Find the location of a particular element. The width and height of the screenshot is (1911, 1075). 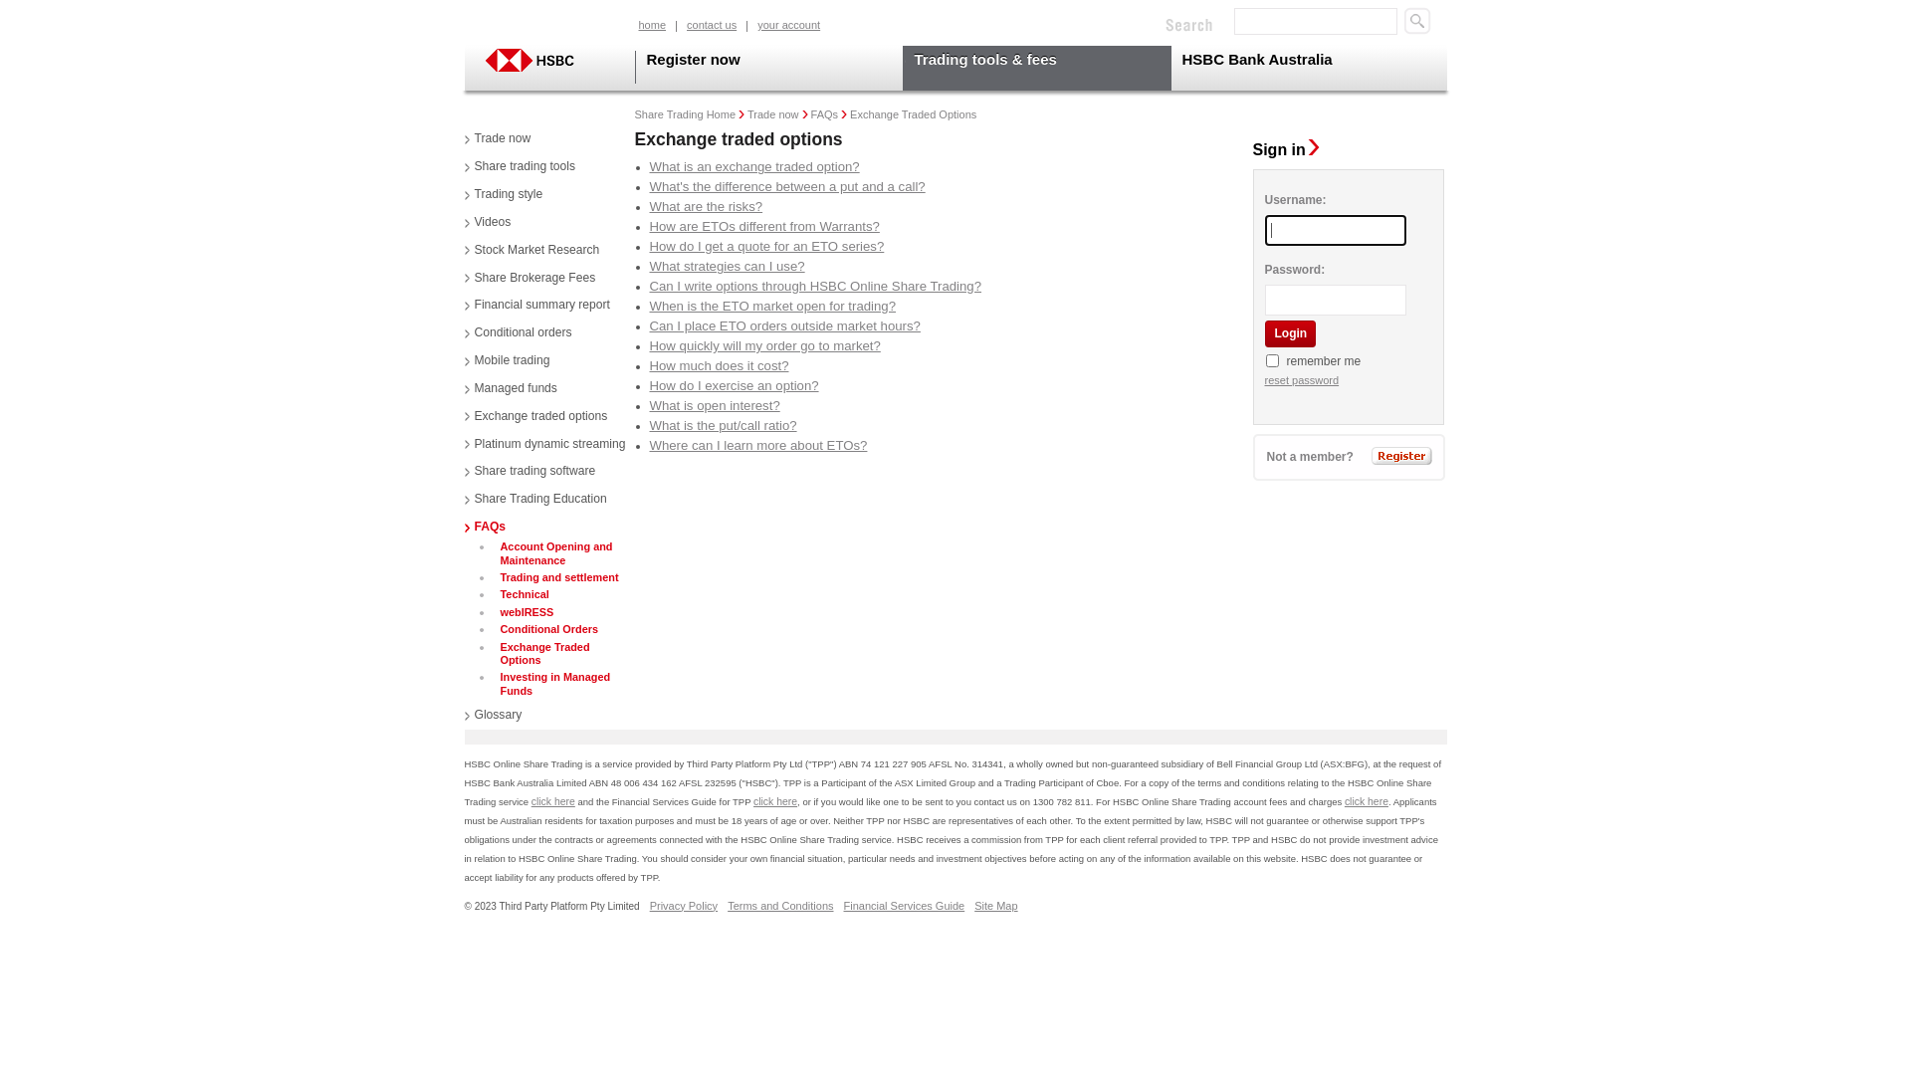

'What are the risks?' is located at coordinates (706, 206).